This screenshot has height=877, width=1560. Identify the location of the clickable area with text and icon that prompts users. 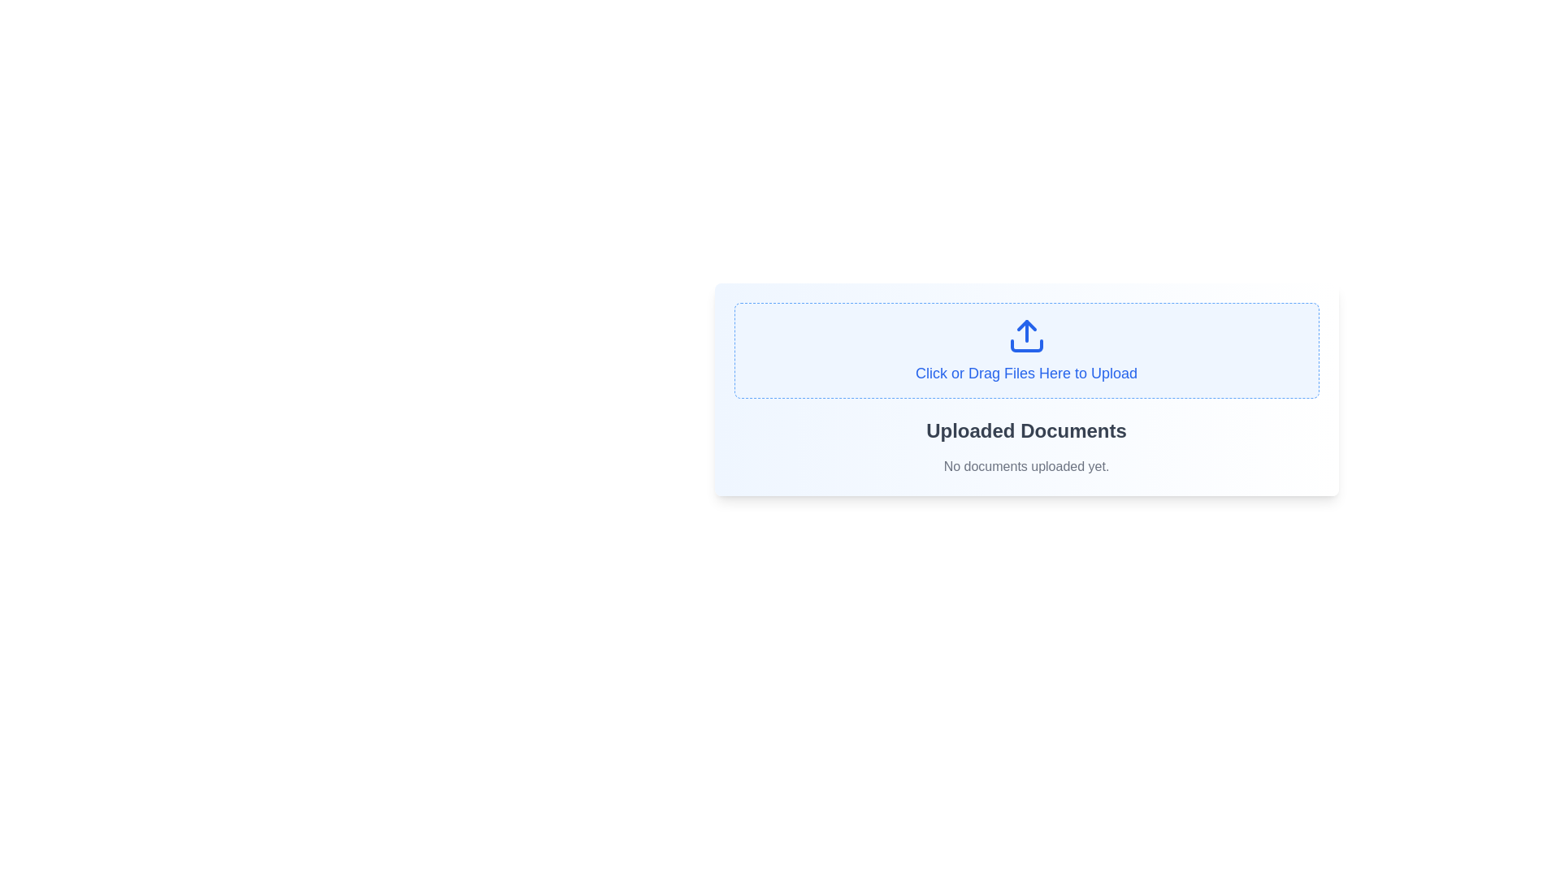
(1025, 350).